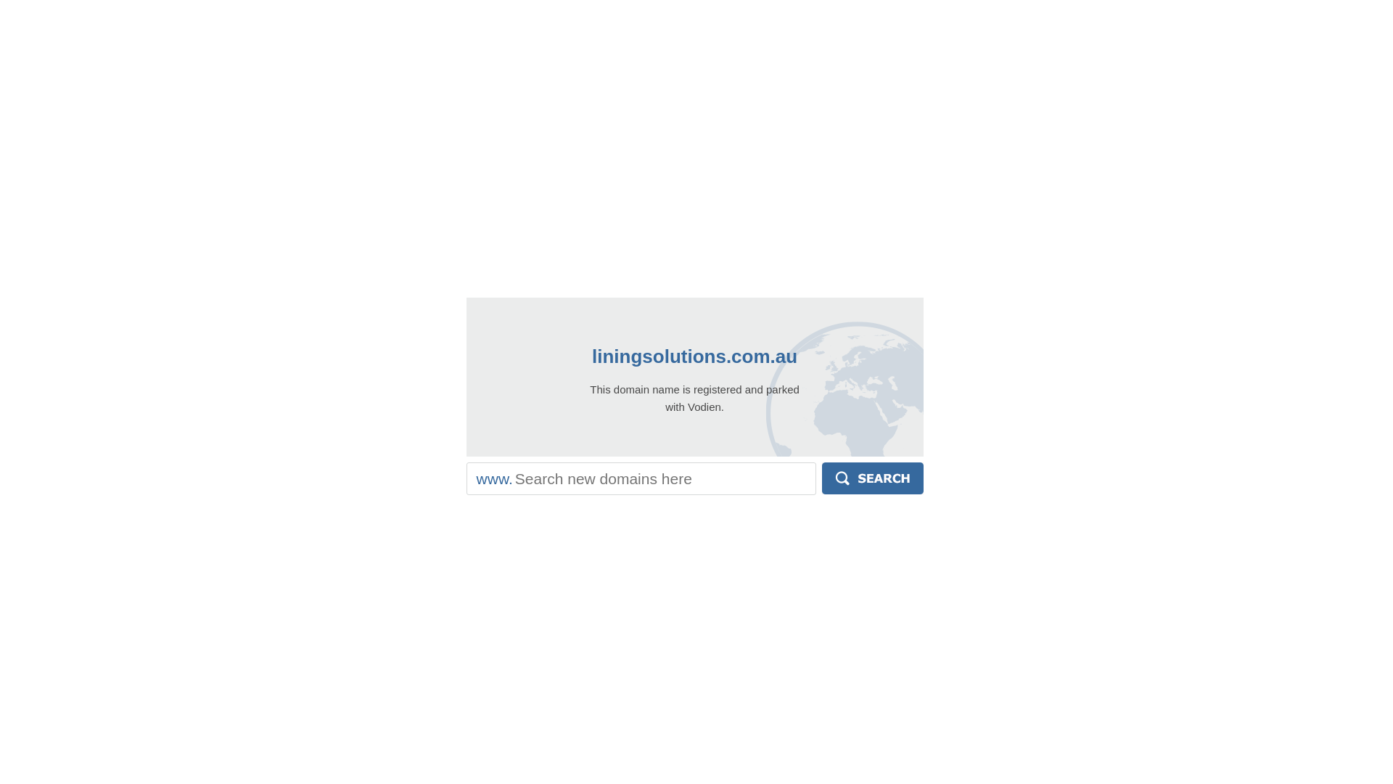 The height and width of the screenshot is (784, 1393). What do you see at coordinates (872, 478) in the screenshot?
I see `'Search'` at bounding box center [872, 478].